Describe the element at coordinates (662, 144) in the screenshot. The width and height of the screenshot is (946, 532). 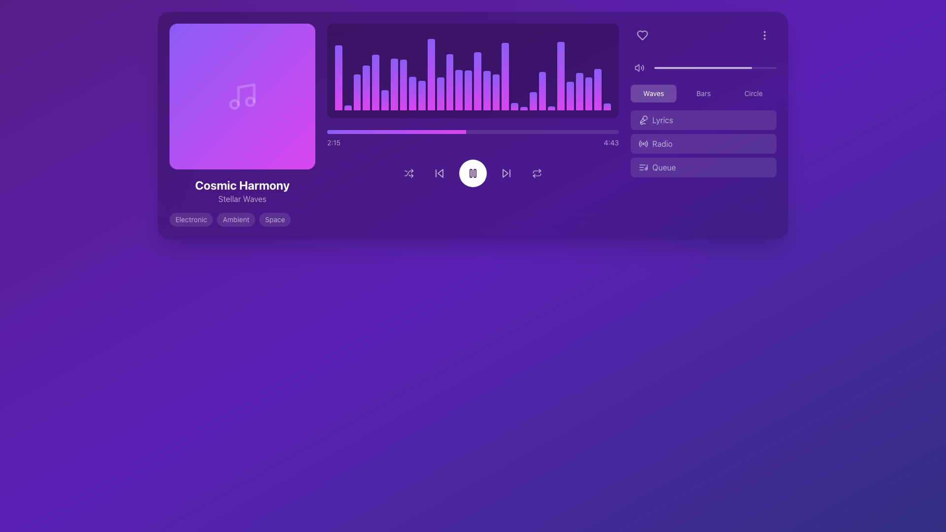
I see `the 'Radio' label text inside the button` at that location.